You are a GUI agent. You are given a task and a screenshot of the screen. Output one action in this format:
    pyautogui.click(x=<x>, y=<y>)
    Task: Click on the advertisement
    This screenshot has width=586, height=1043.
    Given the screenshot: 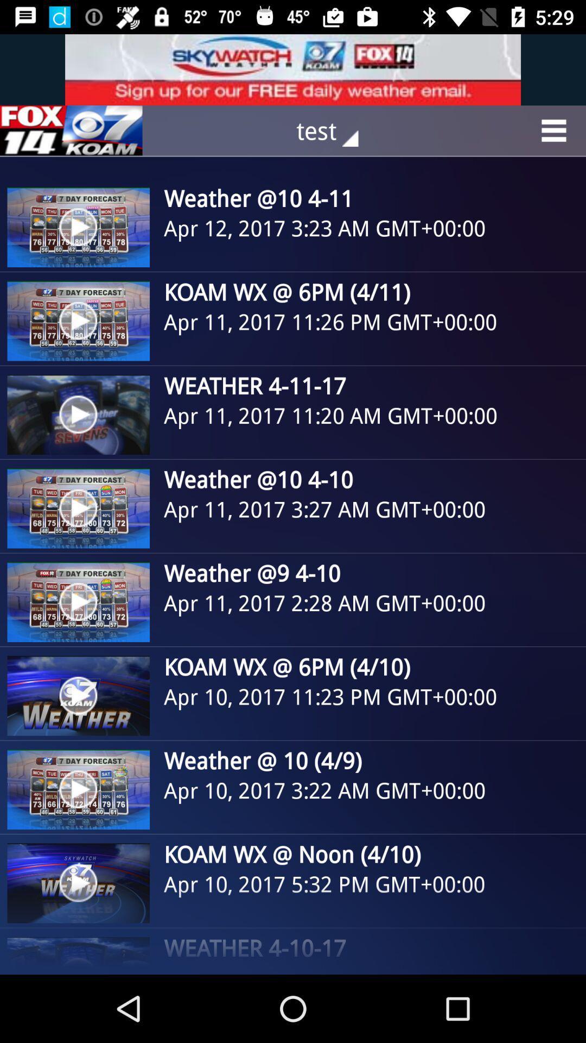 What is the action you would take?
    pyautogui.click(x=293, y=69)
    